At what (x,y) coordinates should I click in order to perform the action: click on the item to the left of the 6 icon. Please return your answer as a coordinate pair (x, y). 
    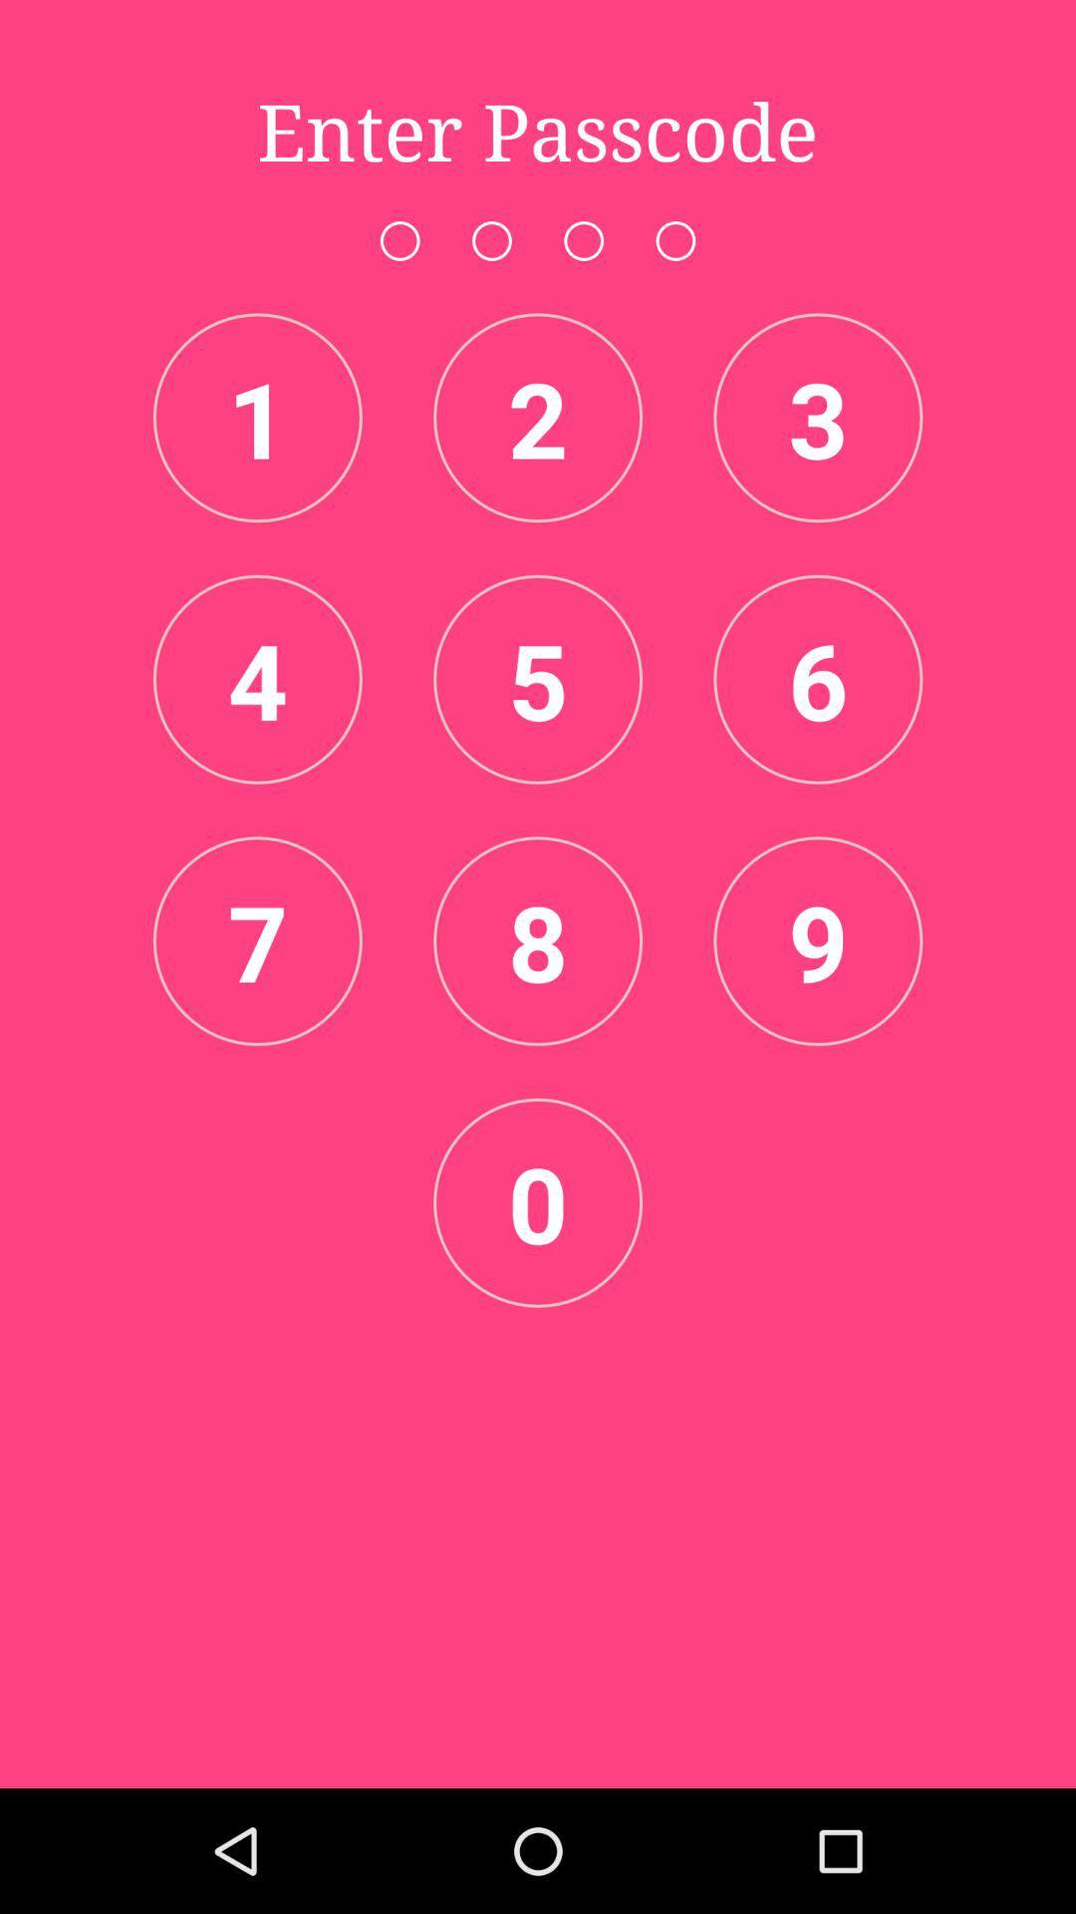
    Looking at the image, I should click on (538, 679).